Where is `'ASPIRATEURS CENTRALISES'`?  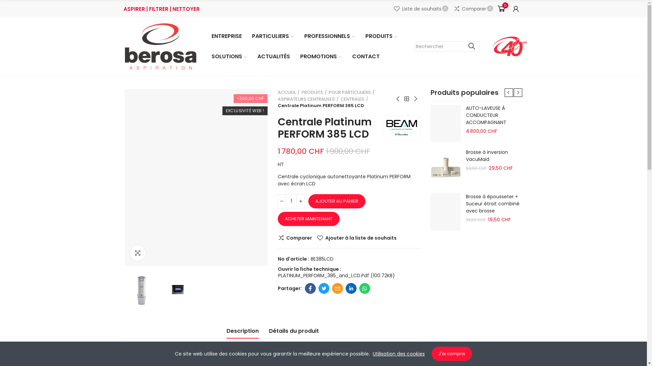 'ASPIRATEURS CENTRALISES' is located at coordinates (308, 99).